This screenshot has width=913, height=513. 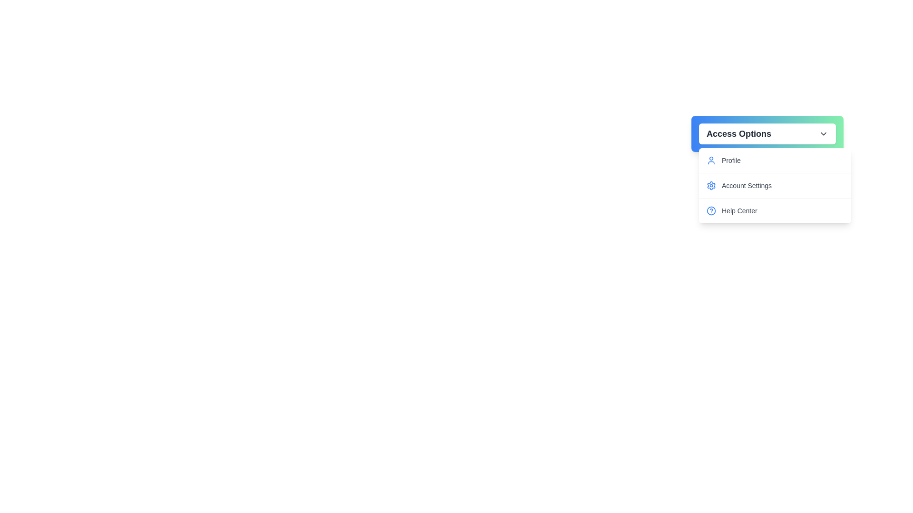 What do you see at coordinates (775, 210) in the screenshot?
I see `the third menu item in the vertical dropdown menu, which is intended for accessing help or support functionalities, located below 'Account Settings'` at bounding box center [775, 210].